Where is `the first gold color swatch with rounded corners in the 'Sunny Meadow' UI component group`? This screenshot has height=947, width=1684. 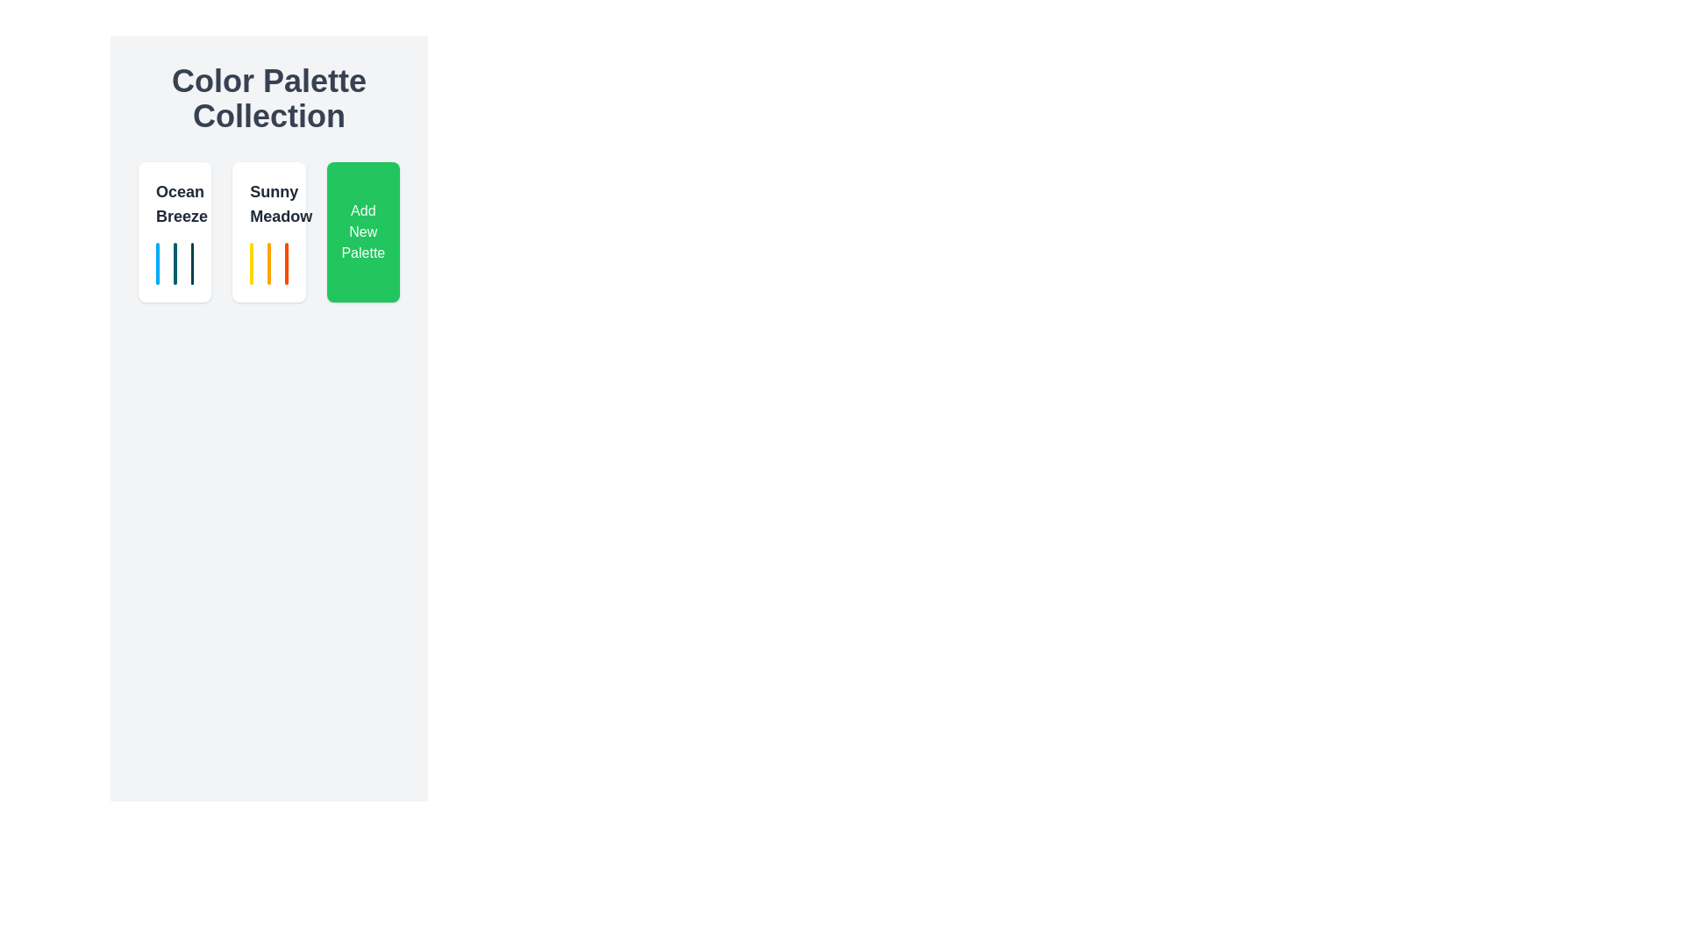
the first gold color swatch with rounded corners in the 'Sunny Meadow' UI component group is located at coordinates (251, 263).